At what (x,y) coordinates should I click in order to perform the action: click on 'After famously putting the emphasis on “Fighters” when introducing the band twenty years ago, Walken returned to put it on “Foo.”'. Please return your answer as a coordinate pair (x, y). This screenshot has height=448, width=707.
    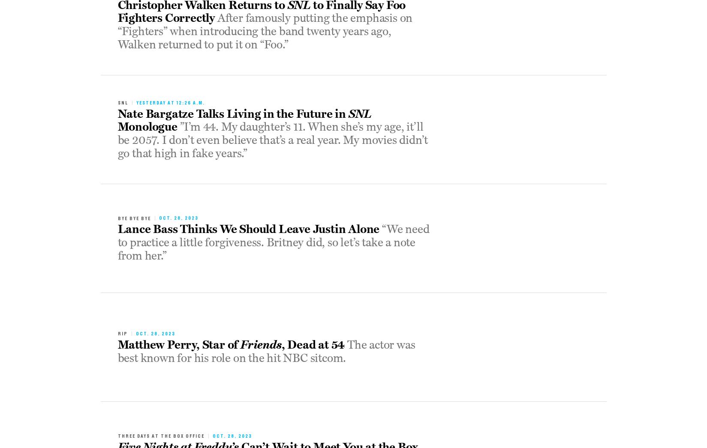
    Looking at the image, I should click on (265, 31).